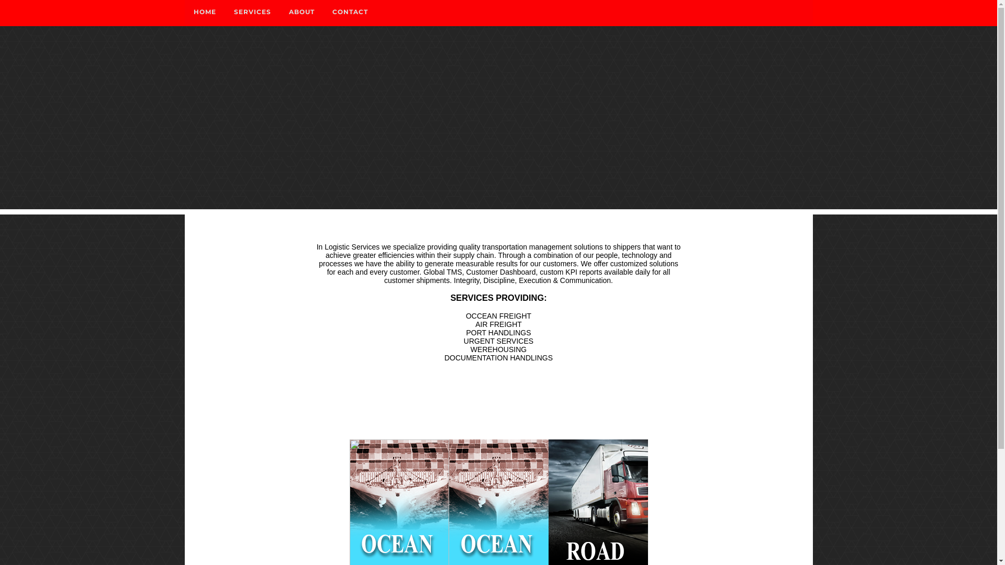 The width and height of the screenshot is (1005, 565). What do you see at coordinates (184, 12) in the screenshot?
I see `'HOME'` at bounding box center [184, 12].